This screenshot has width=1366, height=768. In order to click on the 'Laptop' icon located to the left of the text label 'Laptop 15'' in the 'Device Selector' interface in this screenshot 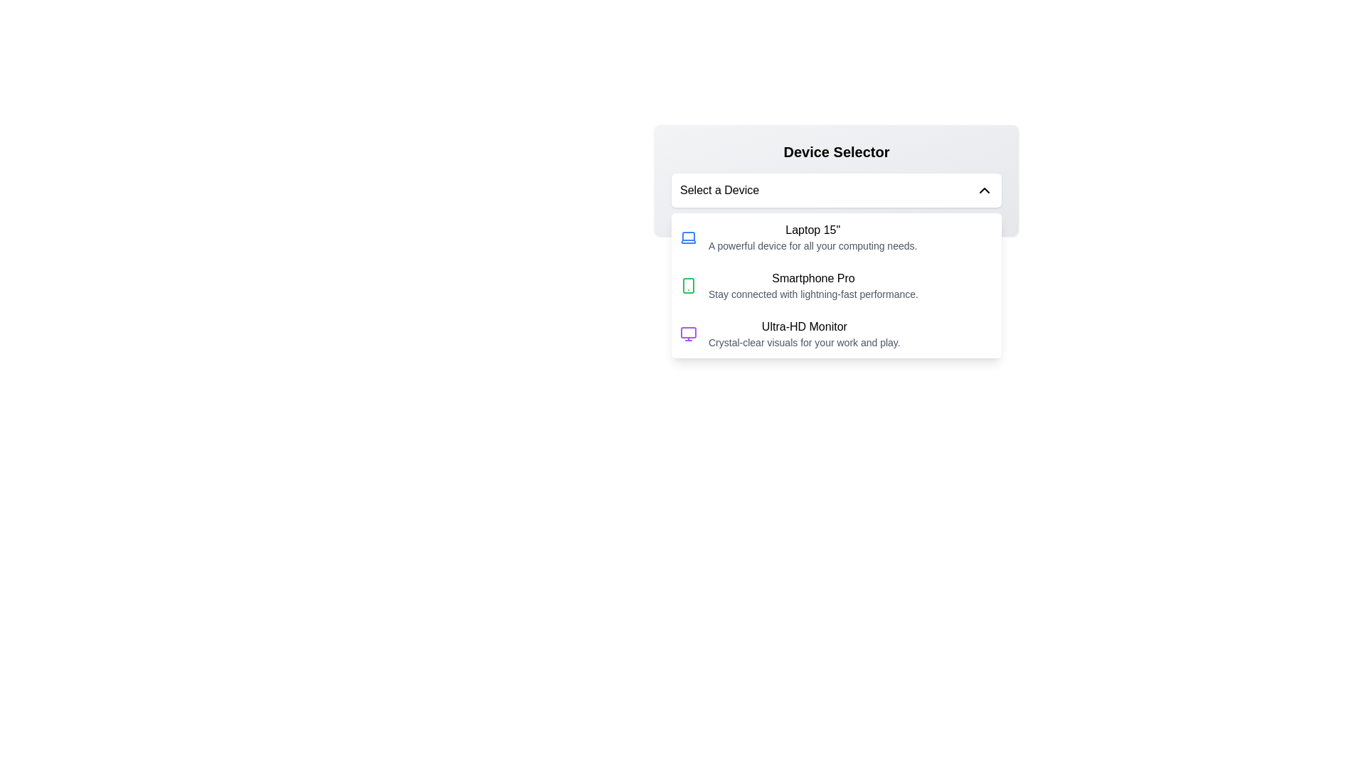, I will do `click(689, 237)`.